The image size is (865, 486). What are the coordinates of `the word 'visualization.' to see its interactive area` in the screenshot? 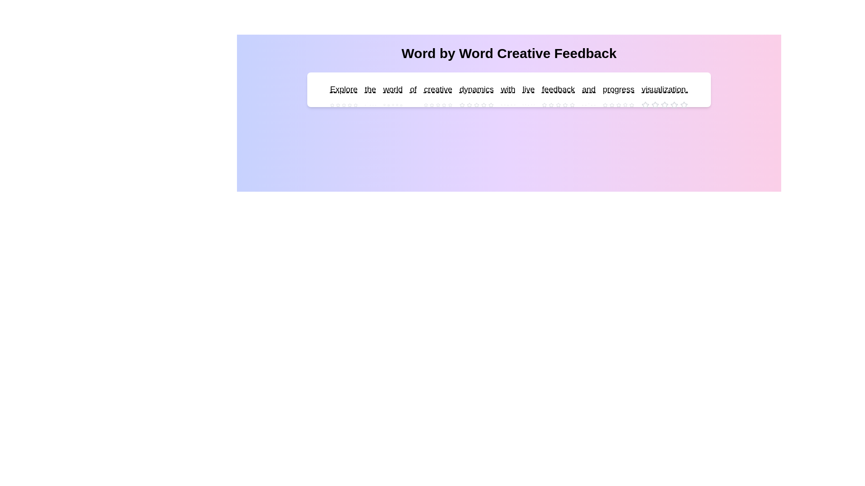 It's located at (665, 90).